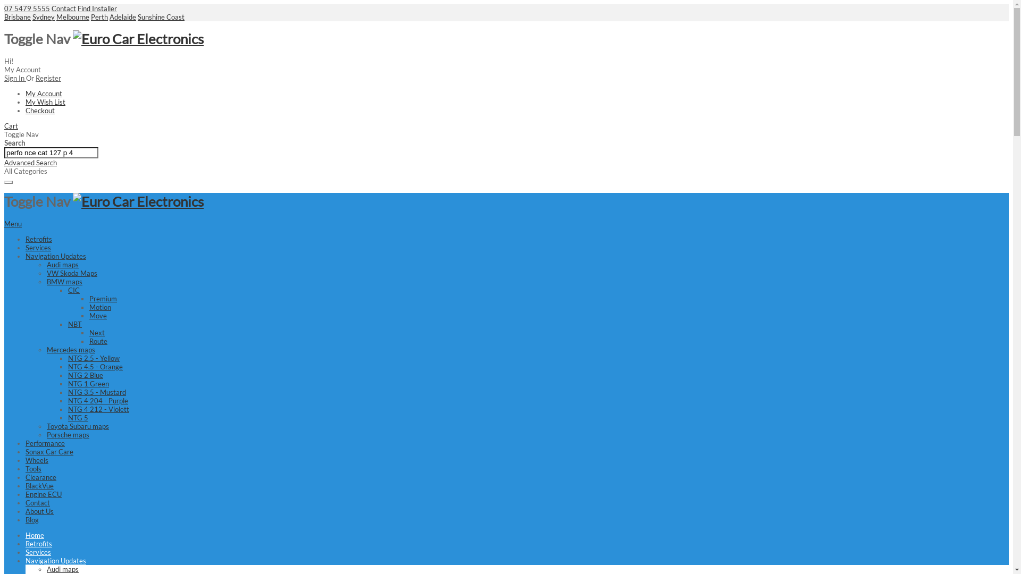 The height and width of the screenshot is (574, 1021). Describe the element at coordinates (38, 551) in the screenshot. I see `'Services'` at that location.